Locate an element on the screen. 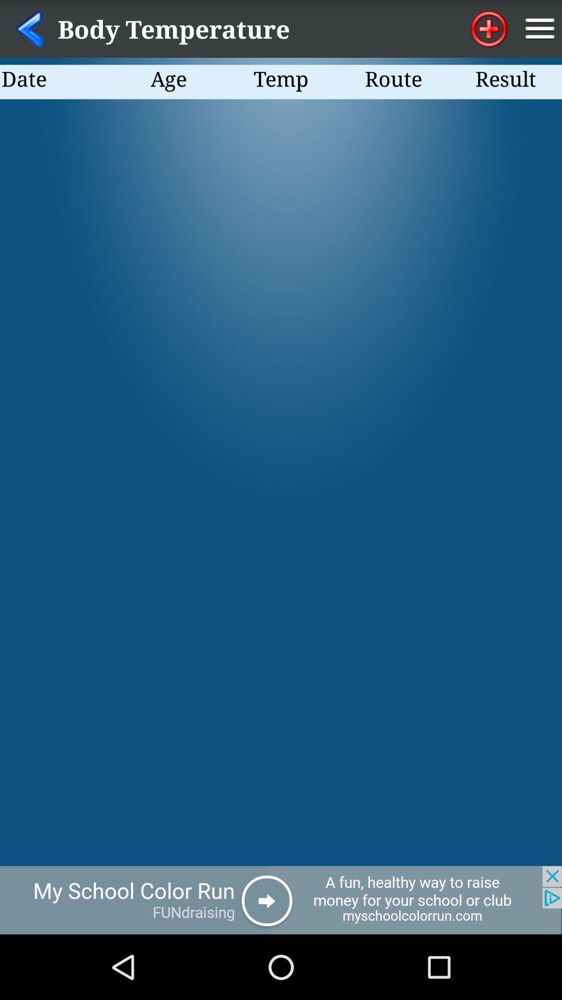  go back is located at coordinates (28, 29).